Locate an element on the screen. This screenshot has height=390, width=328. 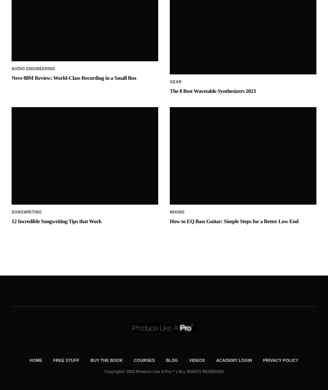
'Songwriting' is located at coordinates (27, 150).